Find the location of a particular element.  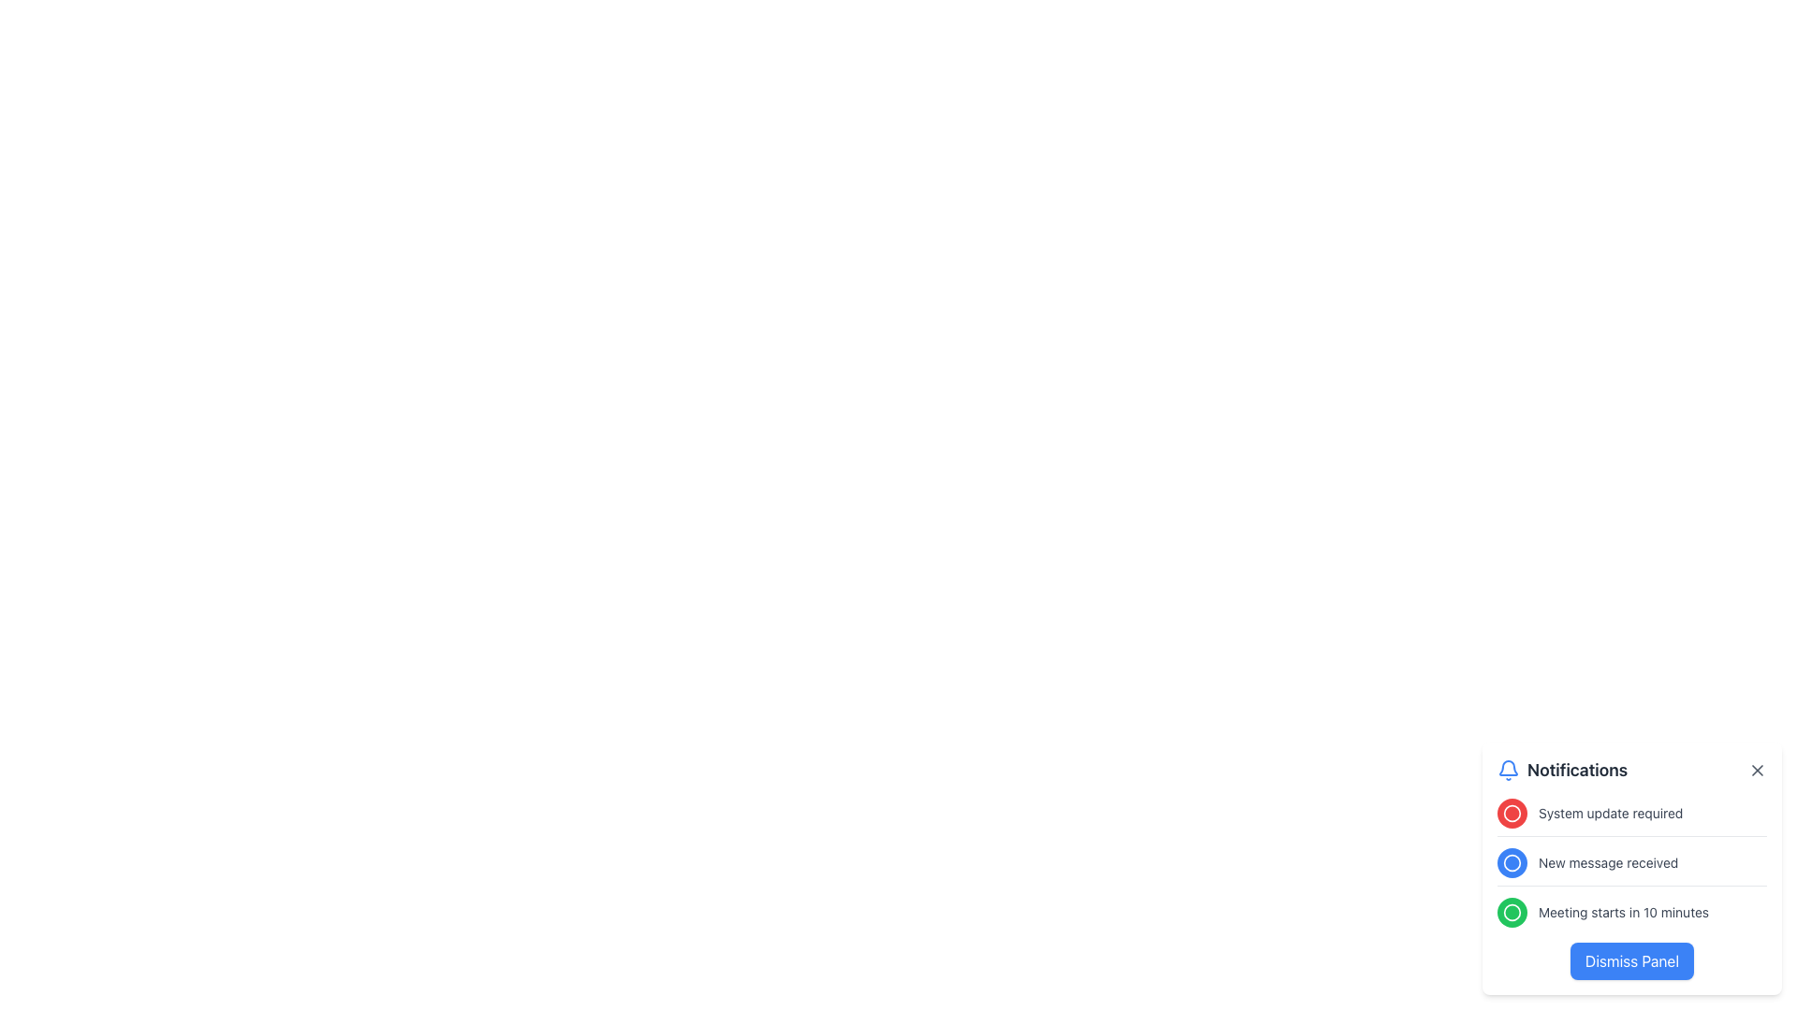

the bell-shaped icon with a blue outline in the header section is located at coordinates (1509, 771).